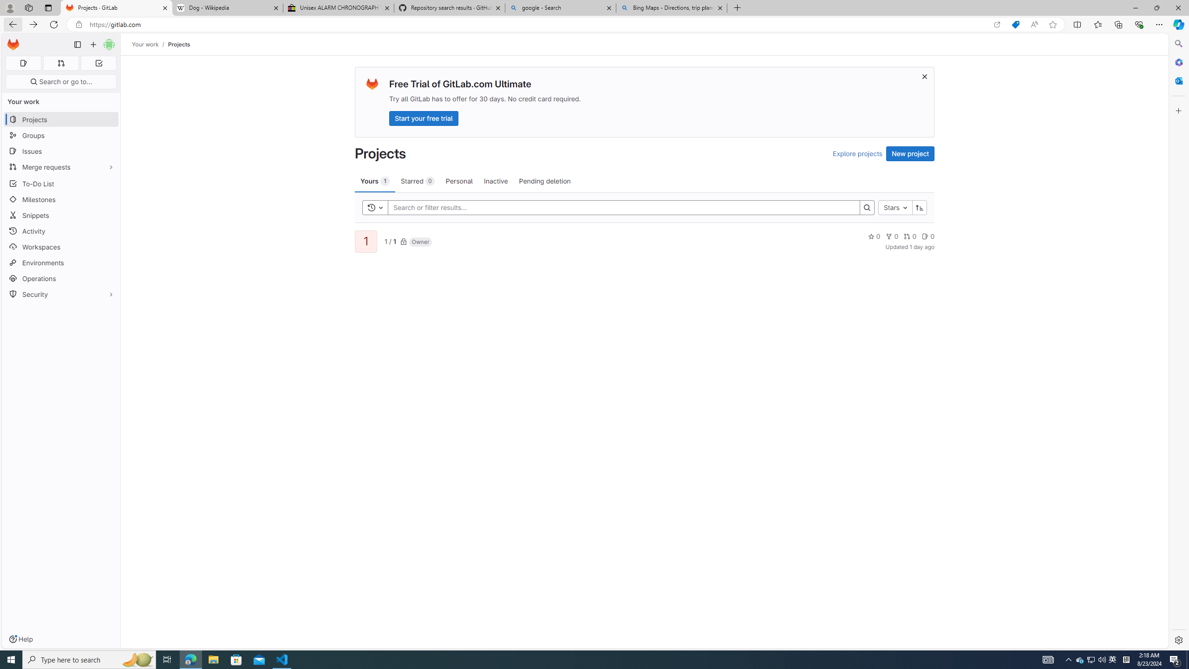  What do you see at coordinates (996, 25) in the screenshot?
I see `'Open in app'` at bounding box center [996, 25].